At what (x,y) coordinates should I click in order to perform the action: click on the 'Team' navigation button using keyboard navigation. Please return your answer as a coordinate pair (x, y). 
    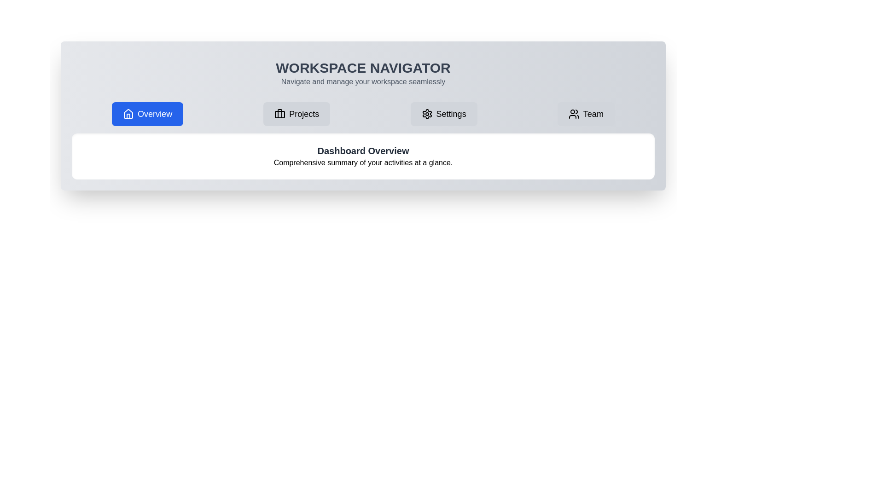
    Looking at the image, I should click on (585, 113).